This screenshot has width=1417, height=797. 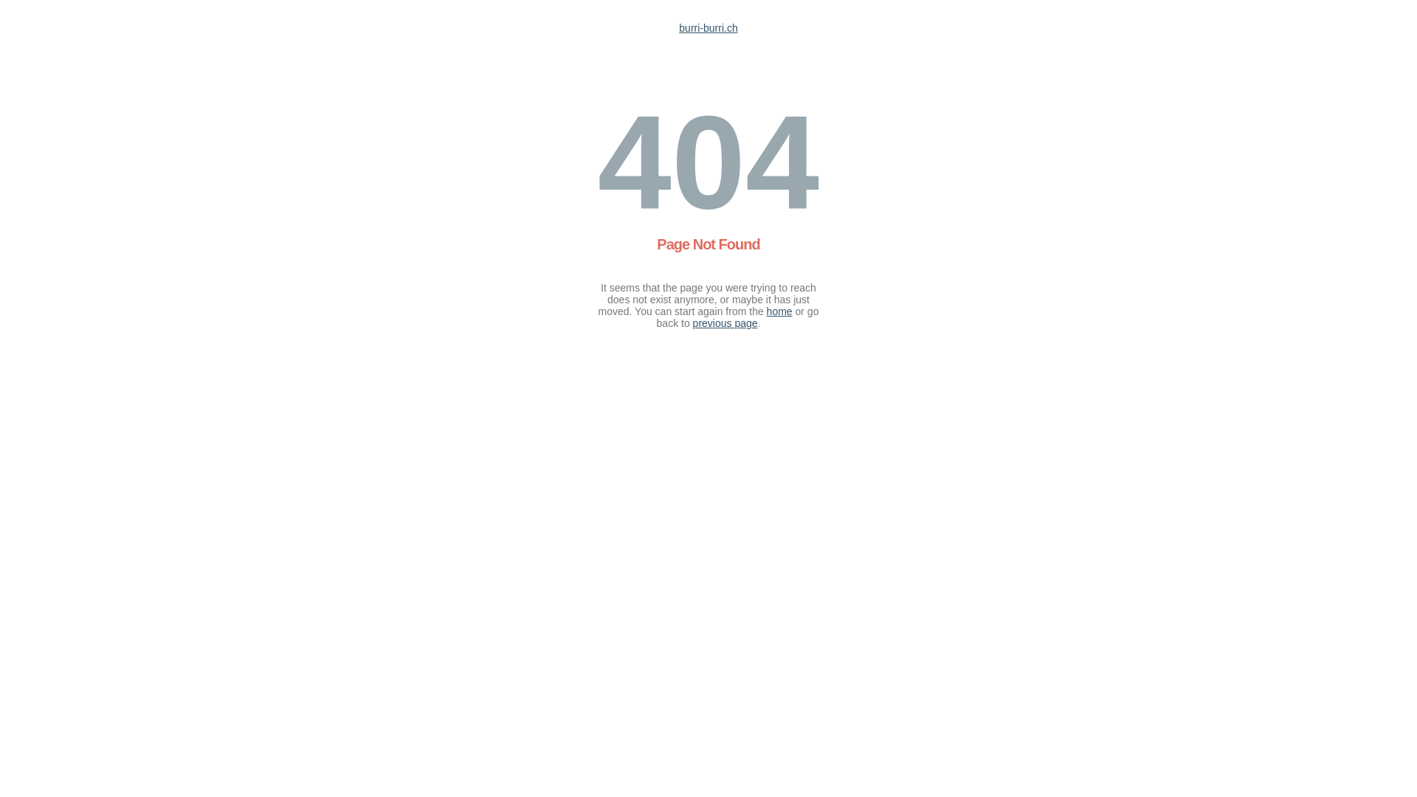 I want to click on 'previous page', so click(x=725, y=322).